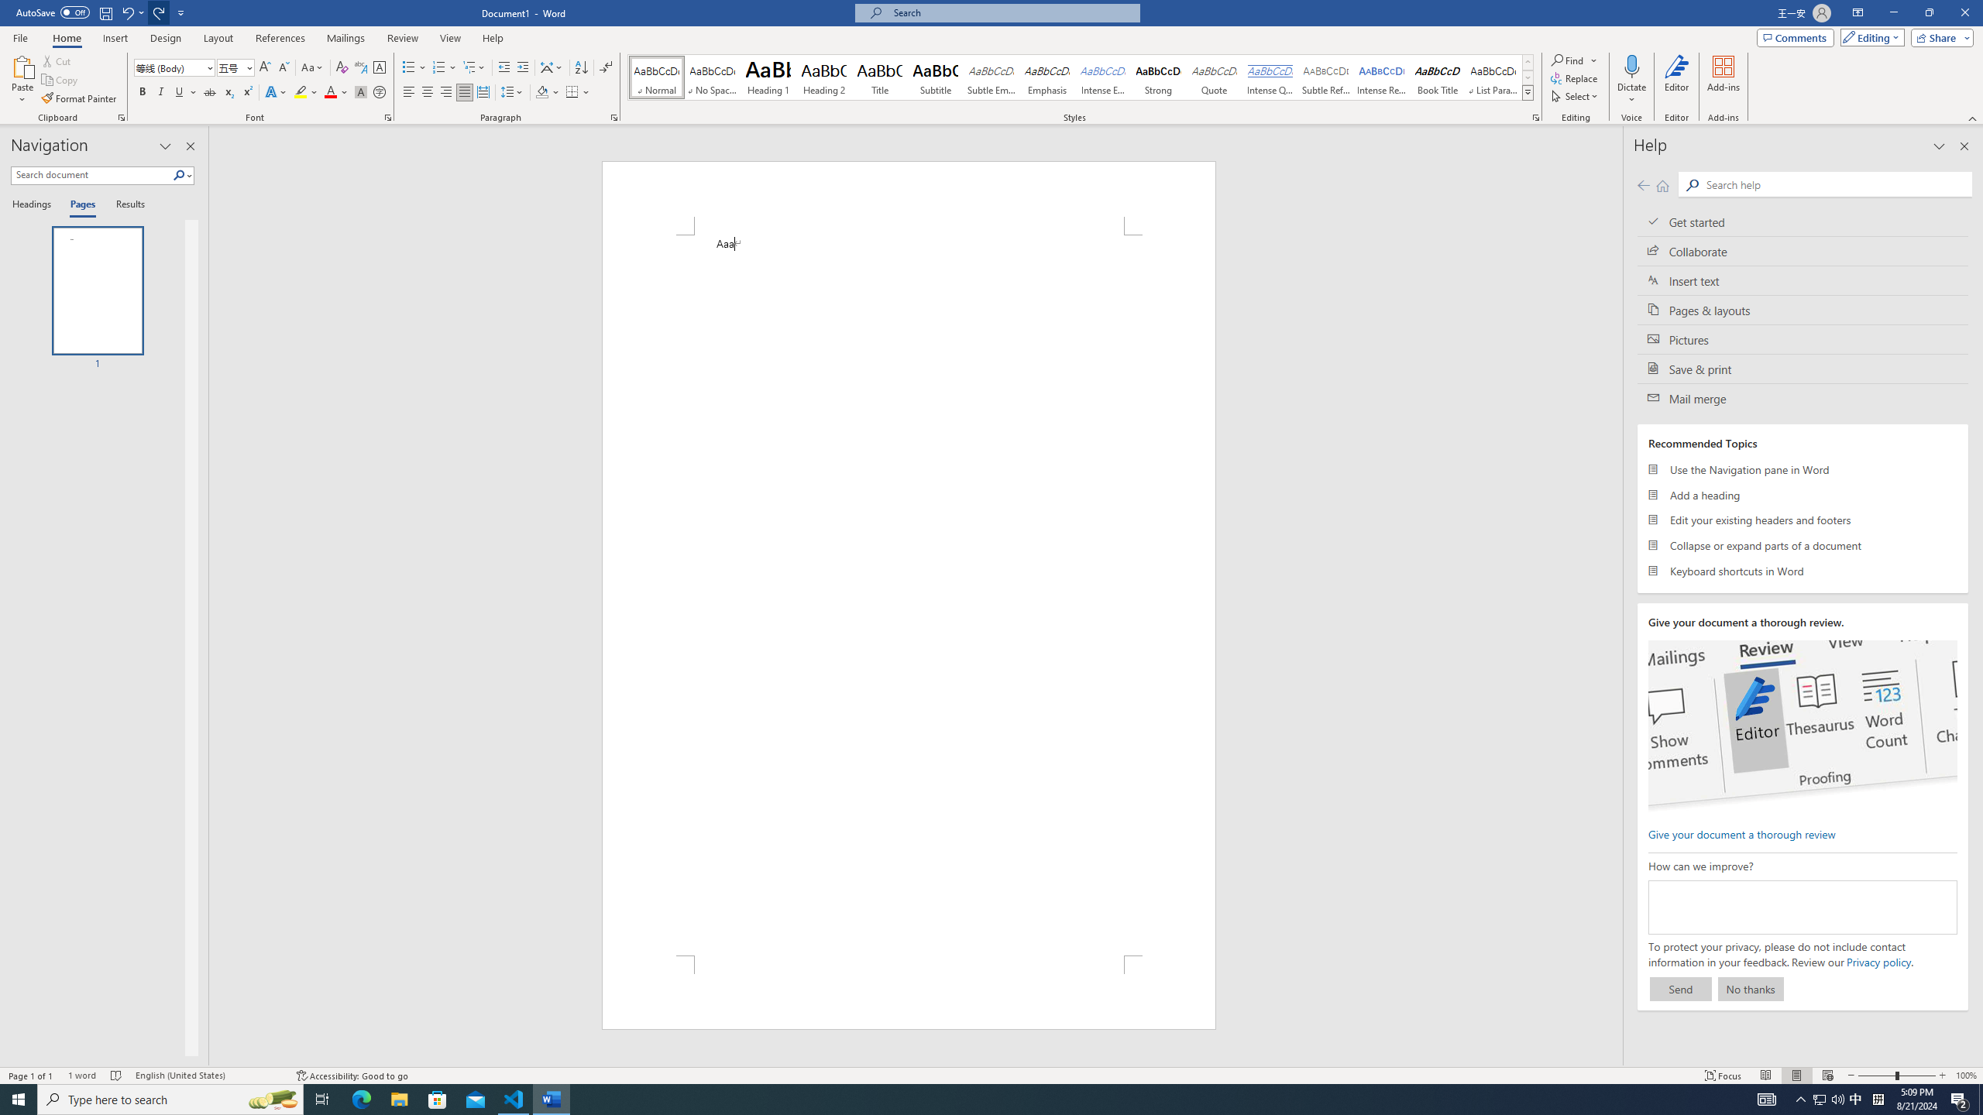  I want to click on 'Mailings', so click(345, 38).